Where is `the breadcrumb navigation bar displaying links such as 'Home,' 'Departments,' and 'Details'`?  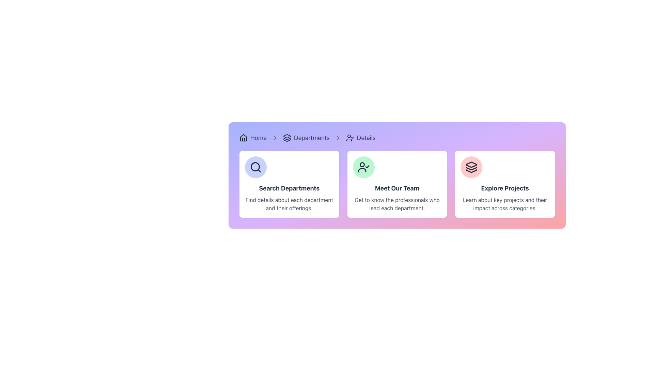 the breadcrumb navigation bar displaying links such as 'Home,' 'Departments,' and 'Details' is located at coordinates (397, 138).